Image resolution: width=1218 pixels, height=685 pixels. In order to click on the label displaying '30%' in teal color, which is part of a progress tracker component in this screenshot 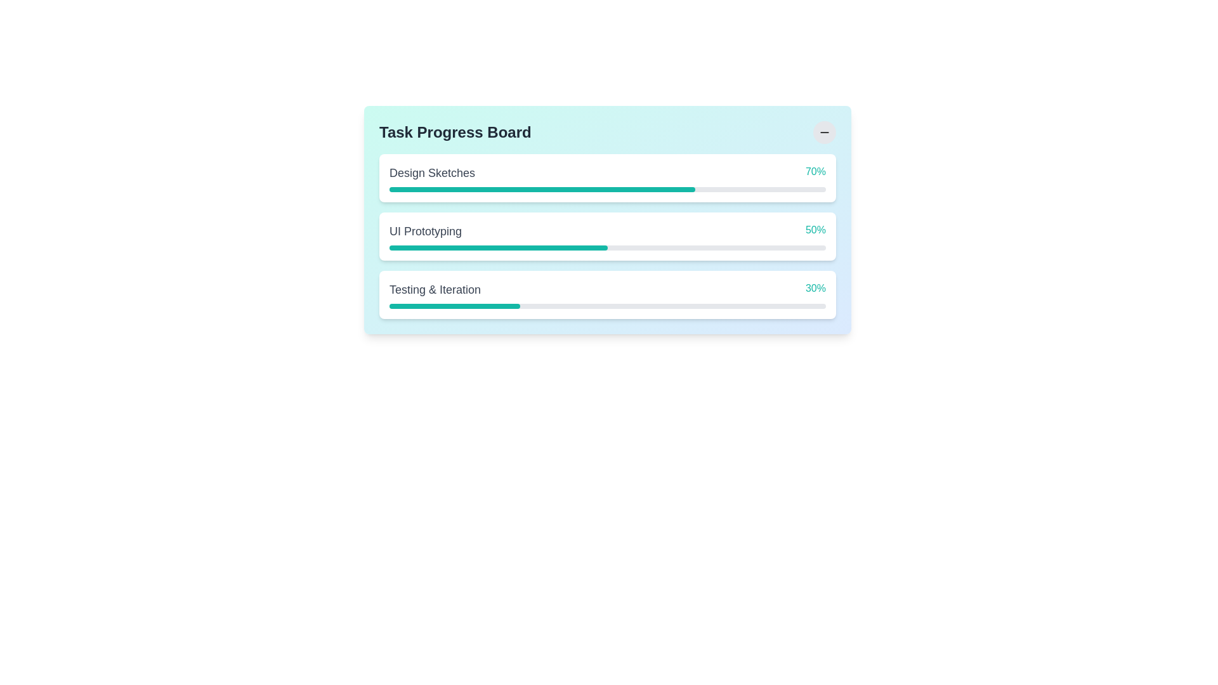, I will do `click(816, 289)`.